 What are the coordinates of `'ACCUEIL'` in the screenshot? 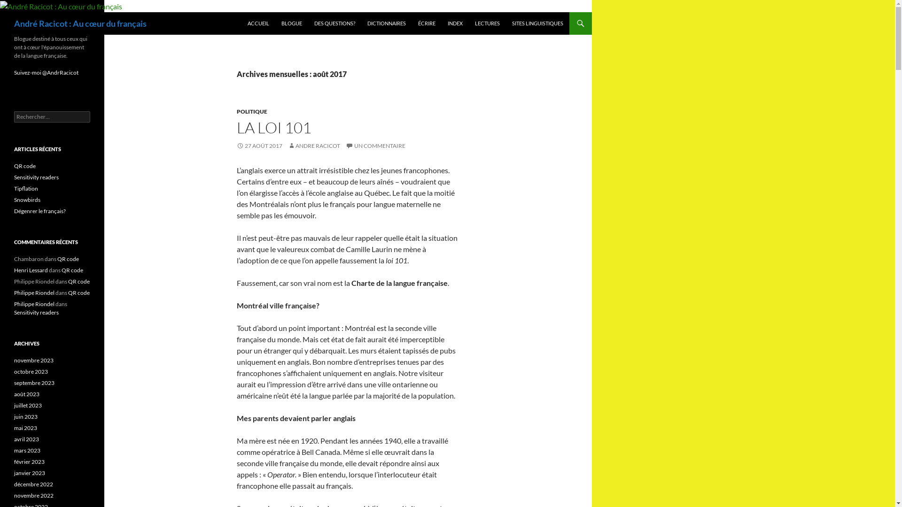 It's located at (258, 23).